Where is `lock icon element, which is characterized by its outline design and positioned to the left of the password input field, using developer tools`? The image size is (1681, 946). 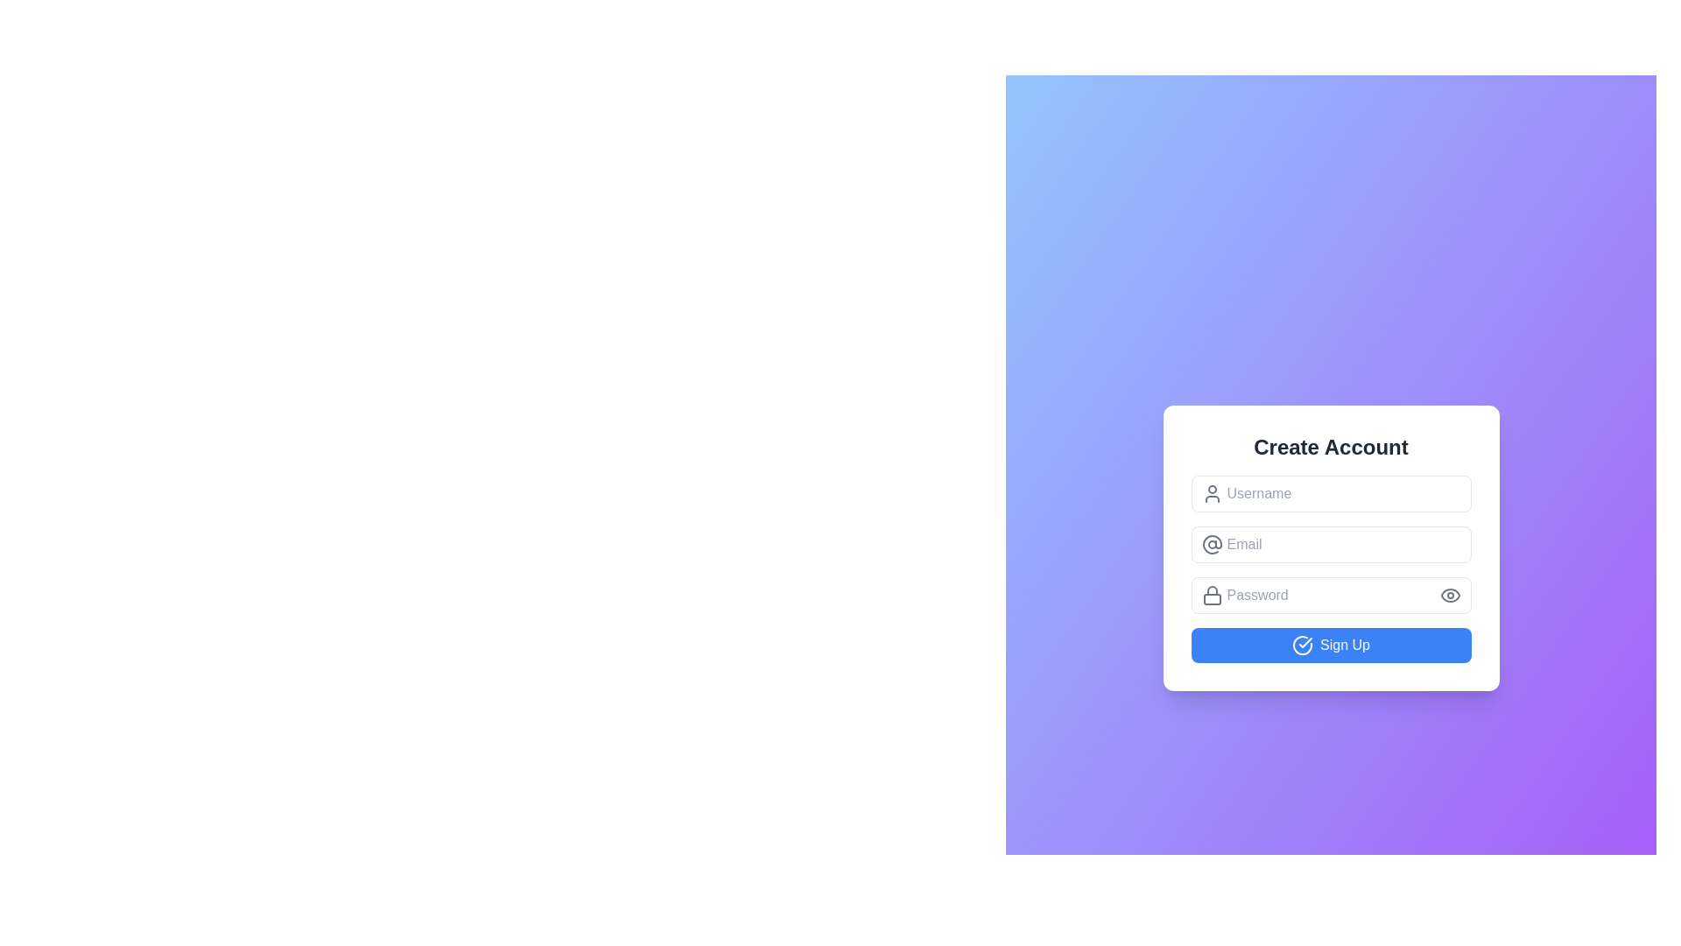 lock icon element, which is characterized by its outline design and positioned to the left of the password input field, using developer tools is located at coordinates (1211, 594).